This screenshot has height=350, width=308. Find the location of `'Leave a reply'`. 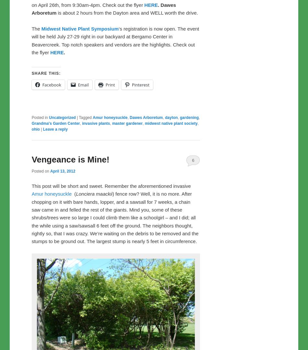

'Leave a reply' is located at coordinates (55, 129).